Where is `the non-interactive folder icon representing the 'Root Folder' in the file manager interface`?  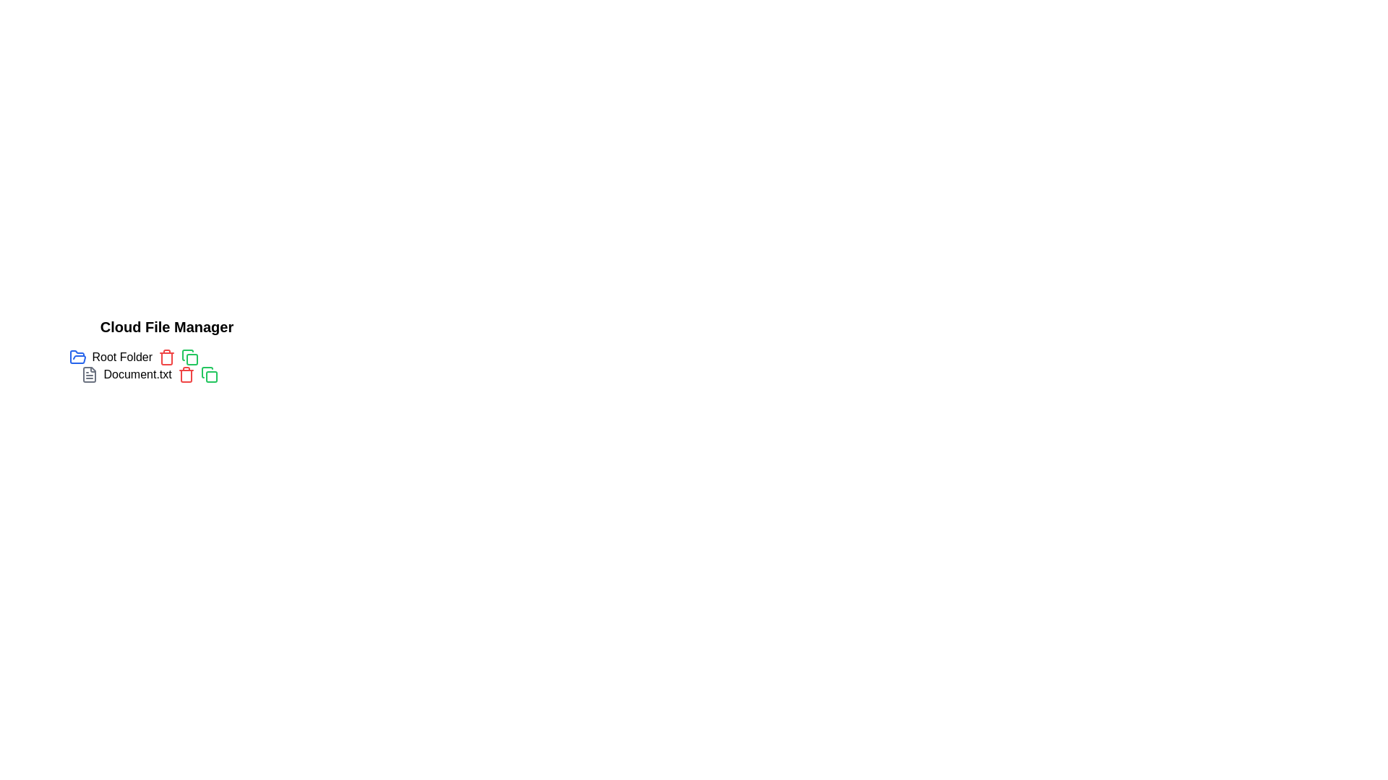 the non-interactive folder icon representing the 'Root Folder' in the file manager interface is located at coordinates (77, 357).